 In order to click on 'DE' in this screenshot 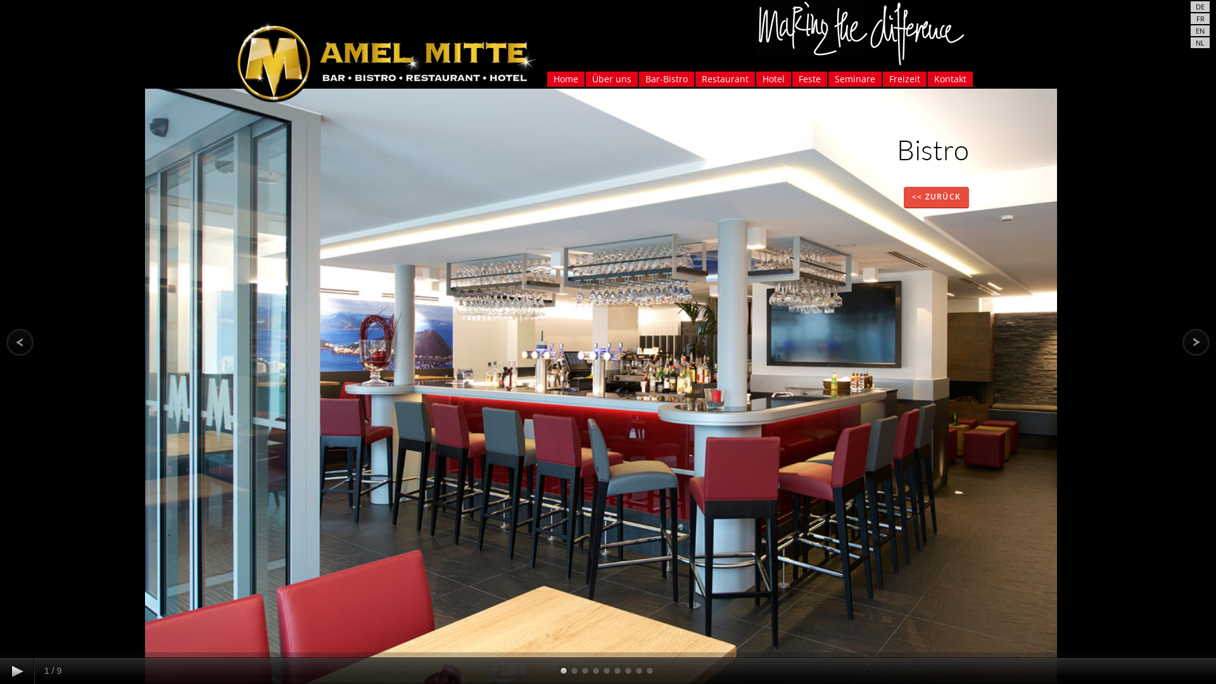, I will do `click(1194, 6)`.